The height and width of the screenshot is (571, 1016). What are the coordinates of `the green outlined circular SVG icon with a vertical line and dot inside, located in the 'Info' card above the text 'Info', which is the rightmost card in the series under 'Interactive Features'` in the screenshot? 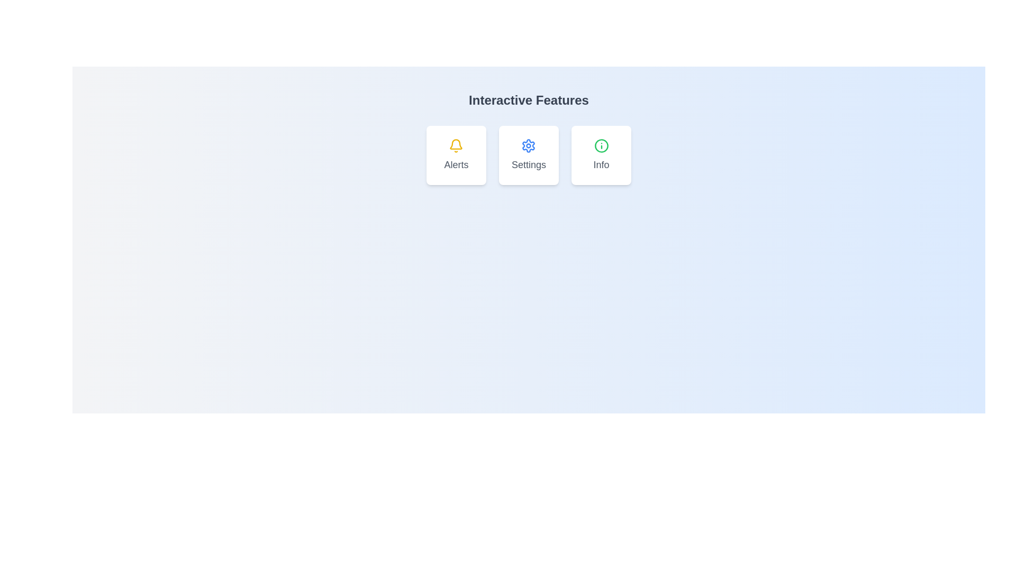 It's located at (601, 146).